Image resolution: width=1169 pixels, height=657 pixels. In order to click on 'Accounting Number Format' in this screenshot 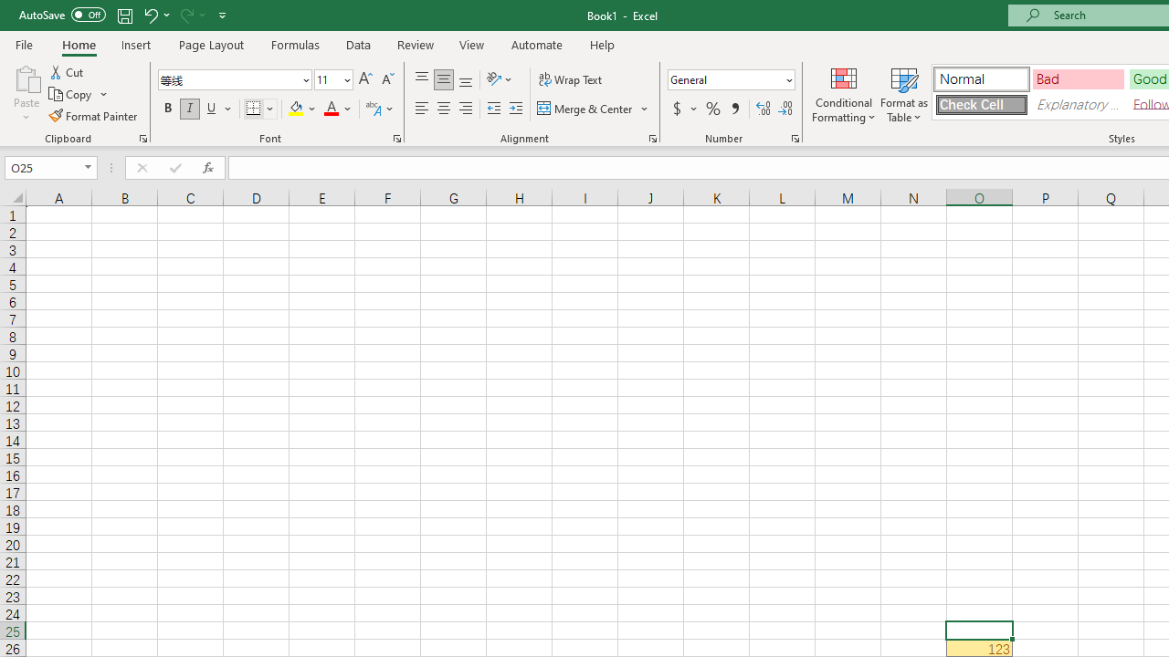, I will do `click(683, 109)`.